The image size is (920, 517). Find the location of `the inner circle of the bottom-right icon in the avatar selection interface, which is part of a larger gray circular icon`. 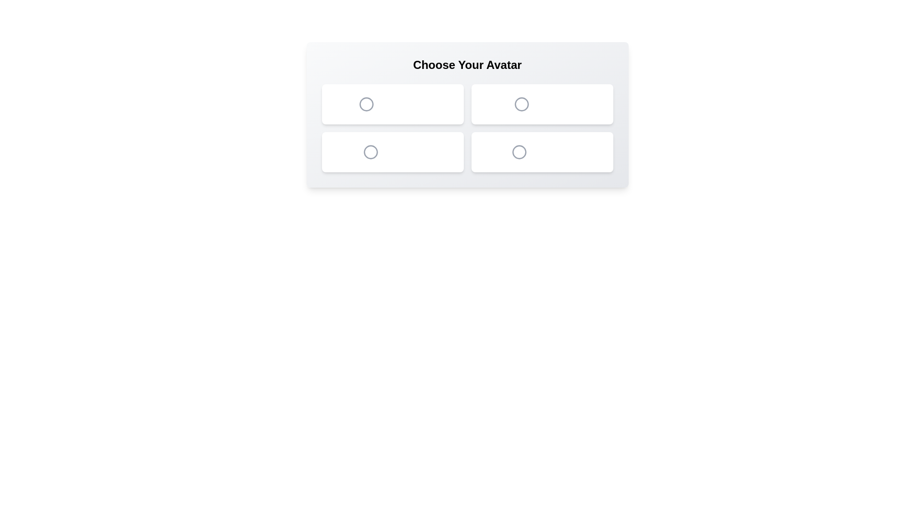

the inner circle of the bottom-right icon in the avatar selection interface, which is part of a larger gray circular icon is located at coordinates (519, 151).